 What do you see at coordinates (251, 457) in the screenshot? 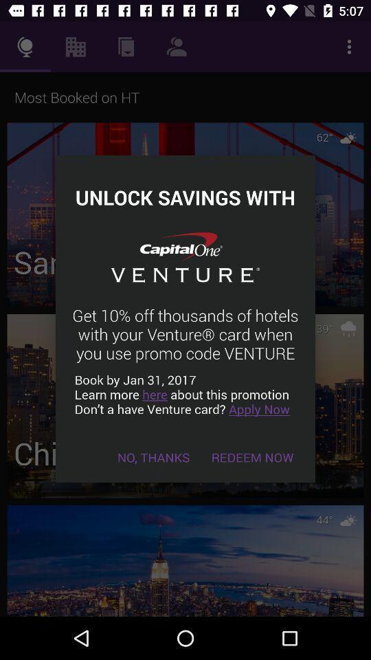
I see `the redeem now item` at bounding box center [251, 457].